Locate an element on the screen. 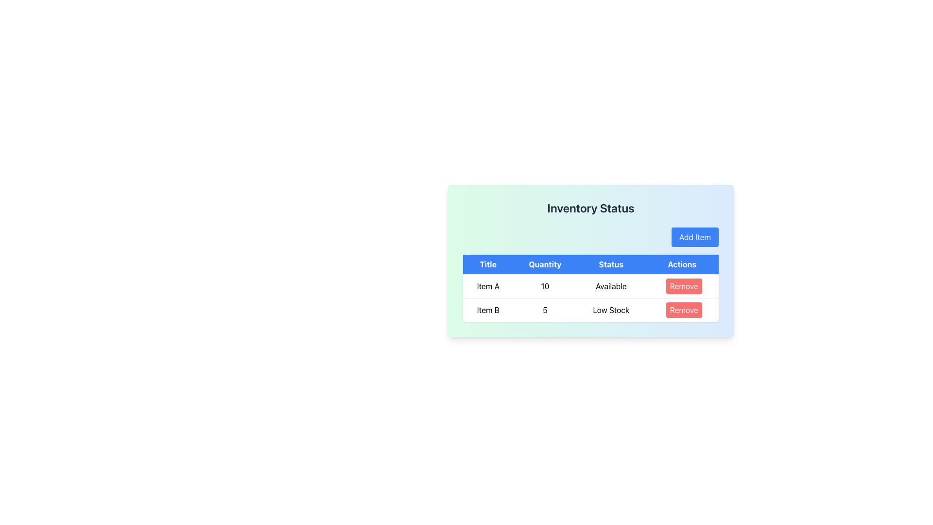  the 'Status' table header, which is the third column in the header row, located between 'Quantity' and 'Actions' is located at coordinates (610, 264).